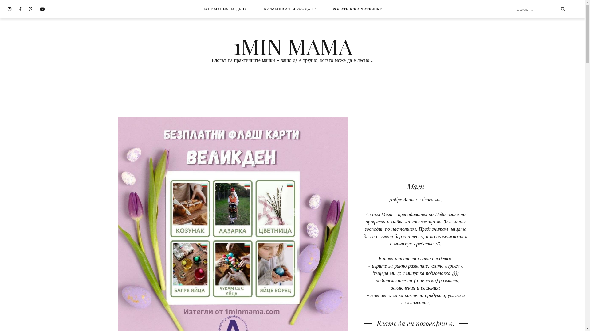 The height and width of the screenshot is (331, 590). What do you see at coordinates (30, 9) in the screenshot?
I see `'Pinterest'` at bounding box center [30, 9].